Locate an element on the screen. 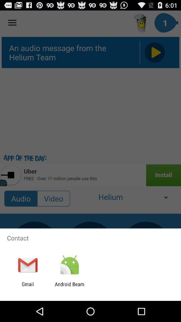 The image size is (181, 322). the app next to gmail icon is located at coordinates (69, 287).